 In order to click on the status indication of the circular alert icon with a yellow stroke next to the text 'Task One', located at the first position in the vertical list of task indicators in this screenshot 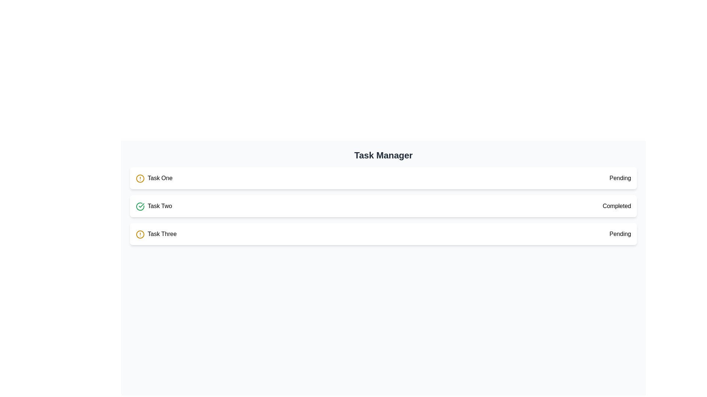, I will do `click(140, 234)`.